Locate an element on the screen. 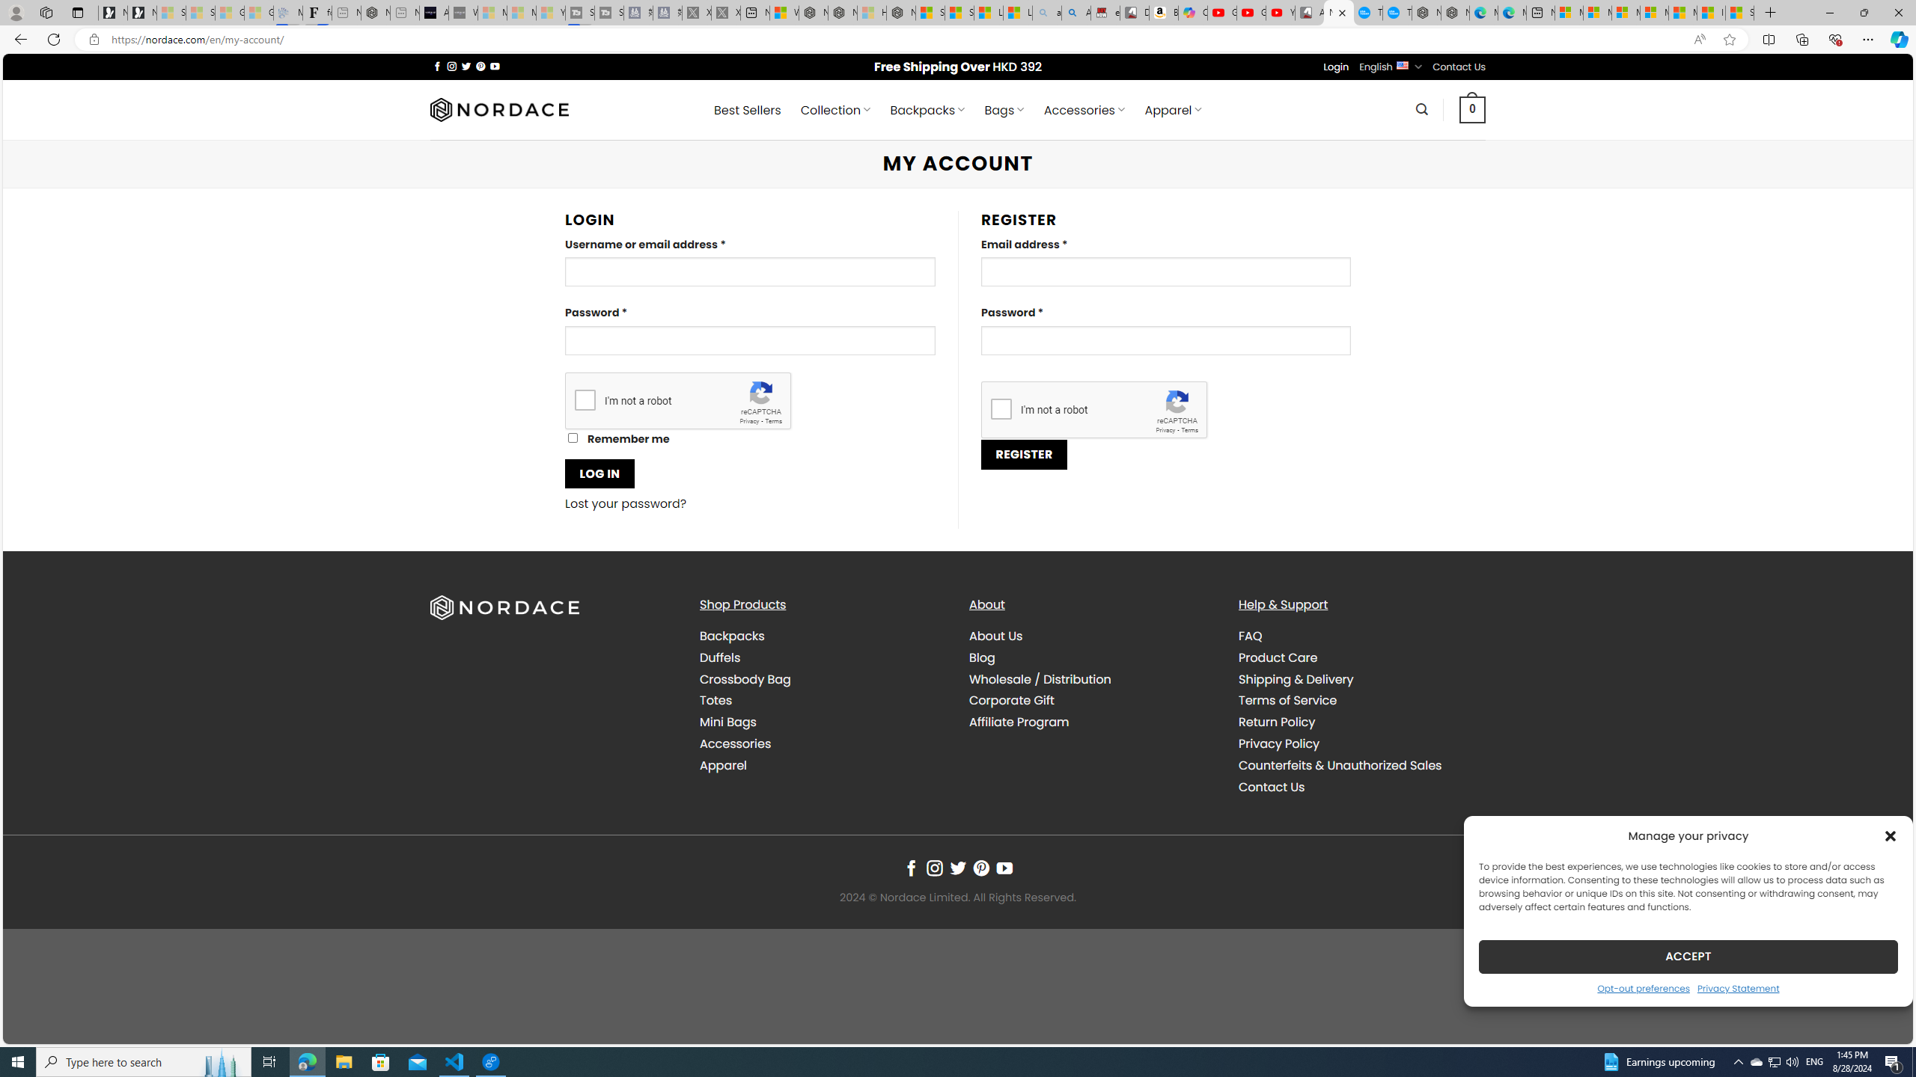  'Accessories' is located at coordinates (822, 743).